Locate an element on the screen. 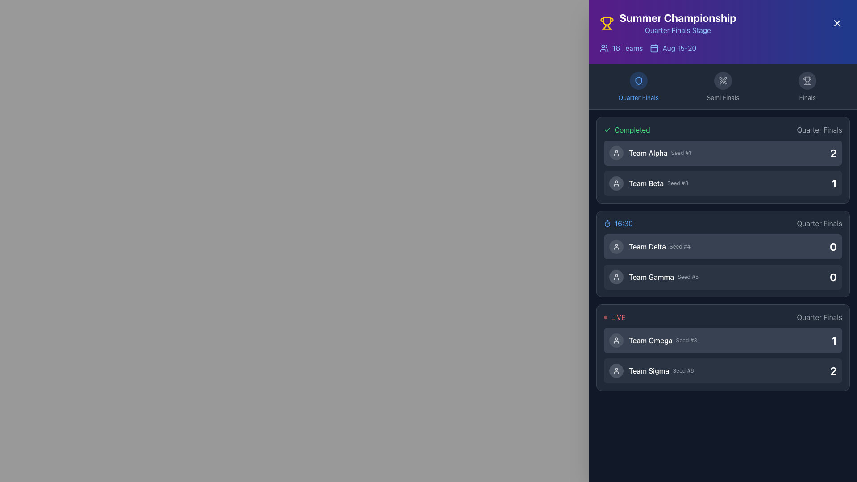 This screenshot has height=482, width=857. the text label 'Team Beta' is located at coordinates (646, 183).